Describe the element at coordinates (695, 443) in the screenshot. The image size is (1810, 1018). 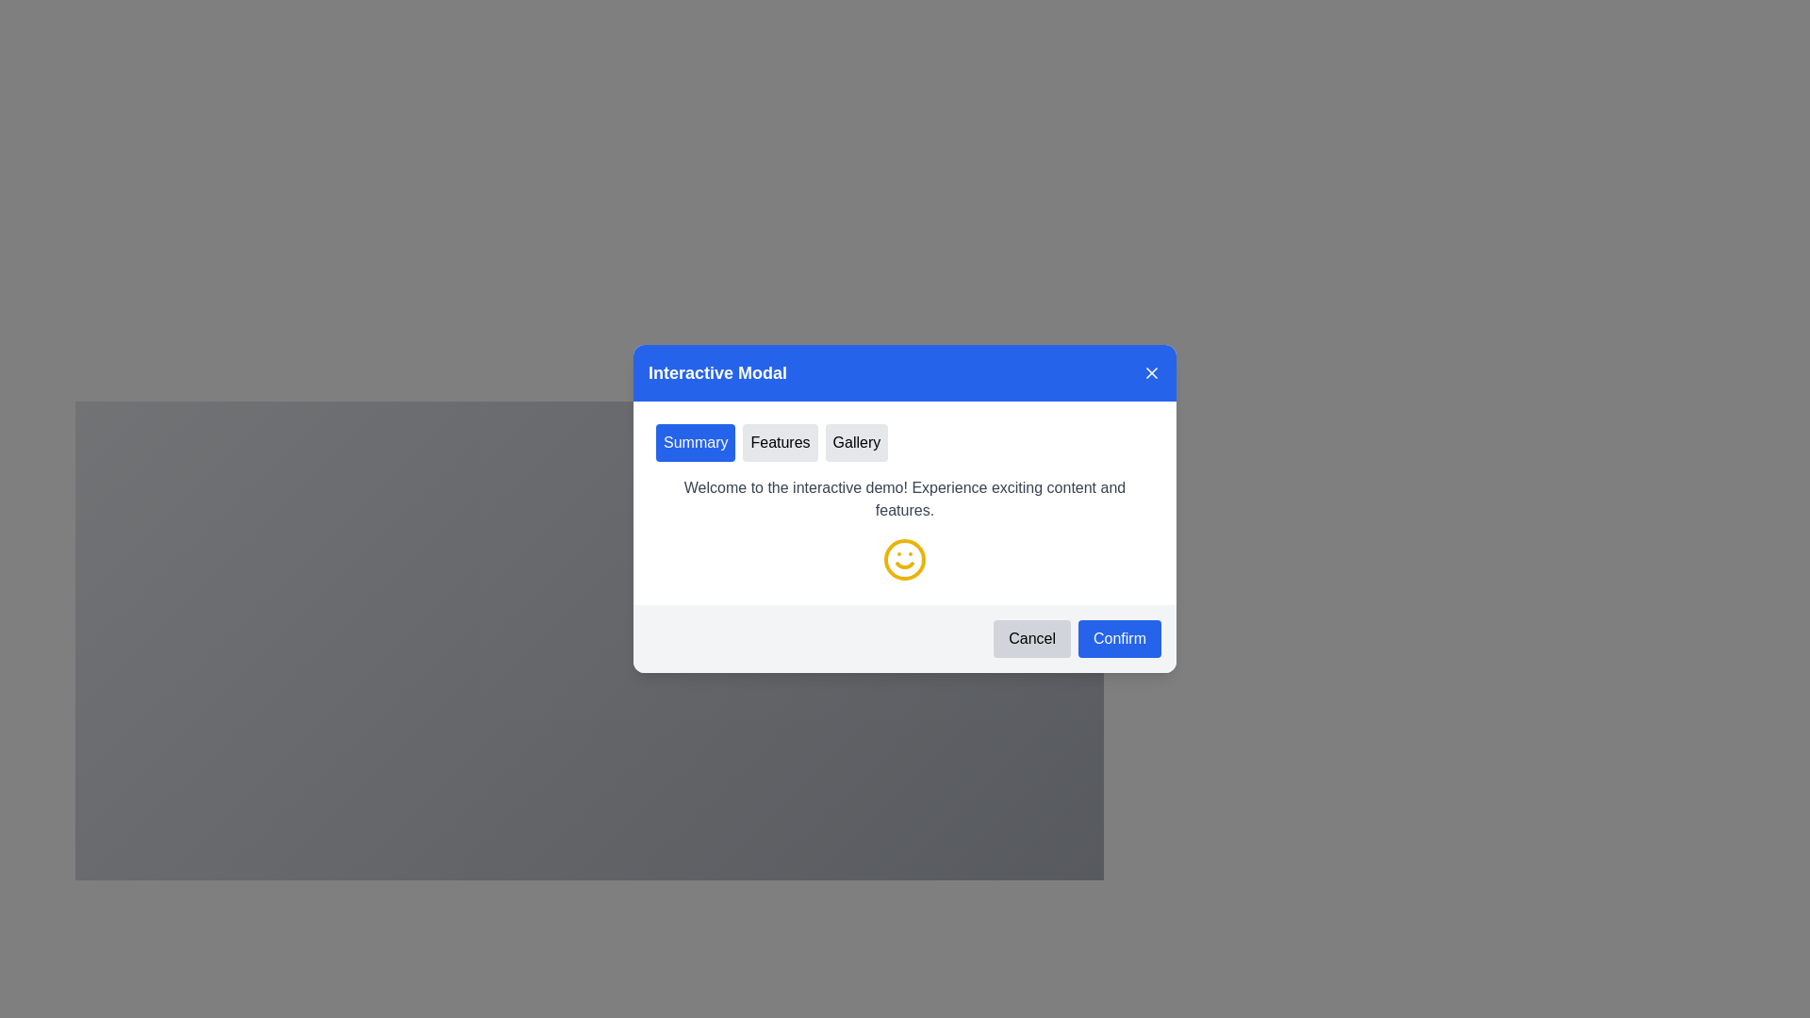
I see `the leftmost button in a group of three horizontally aligned buttons located at the top-center of the modal window` at that location.